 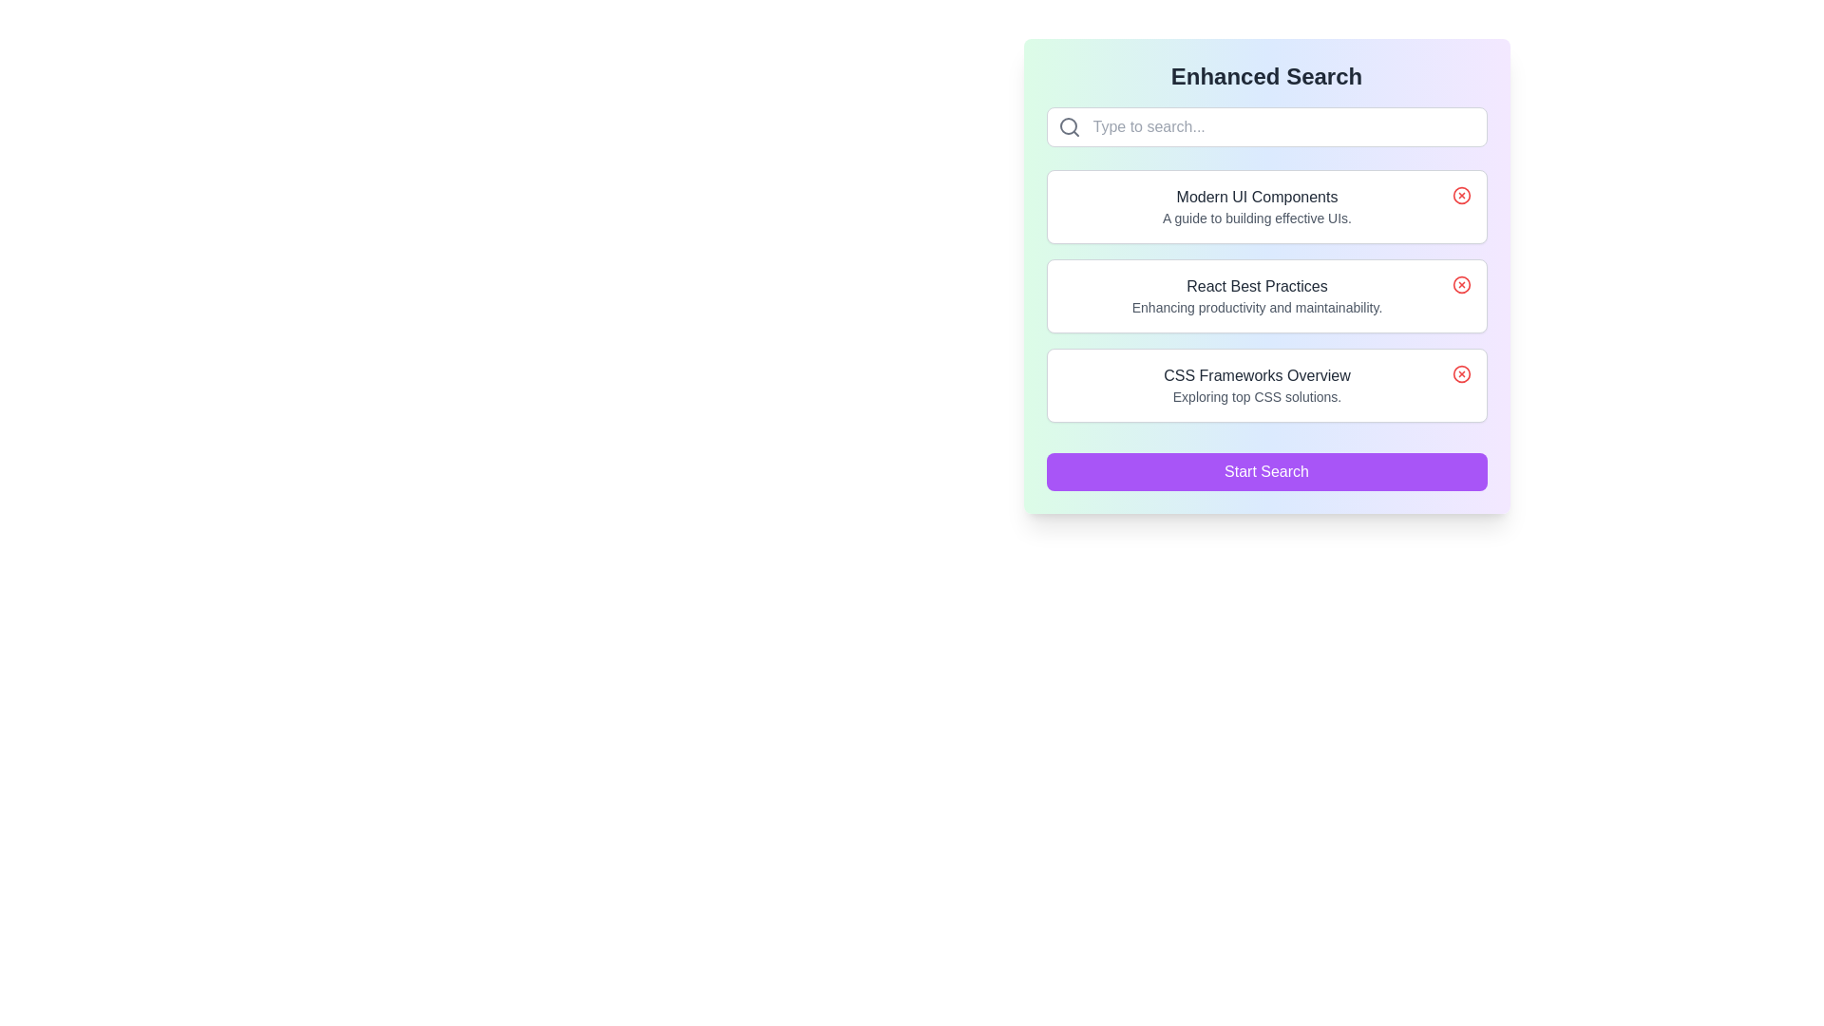 What do you see at coordinates (1257, 198) in the screenshot?
I see `the primary title text of the first item in the vertical list, located below the search bar and above the subtitle 'A guide to building effective UIs'` at bounding box center [1257, 198].